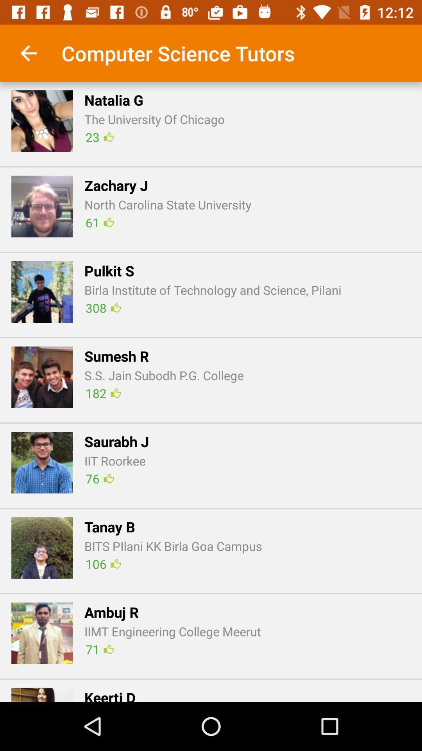  I want to click on icon next to the z icon, so click(99, 222).